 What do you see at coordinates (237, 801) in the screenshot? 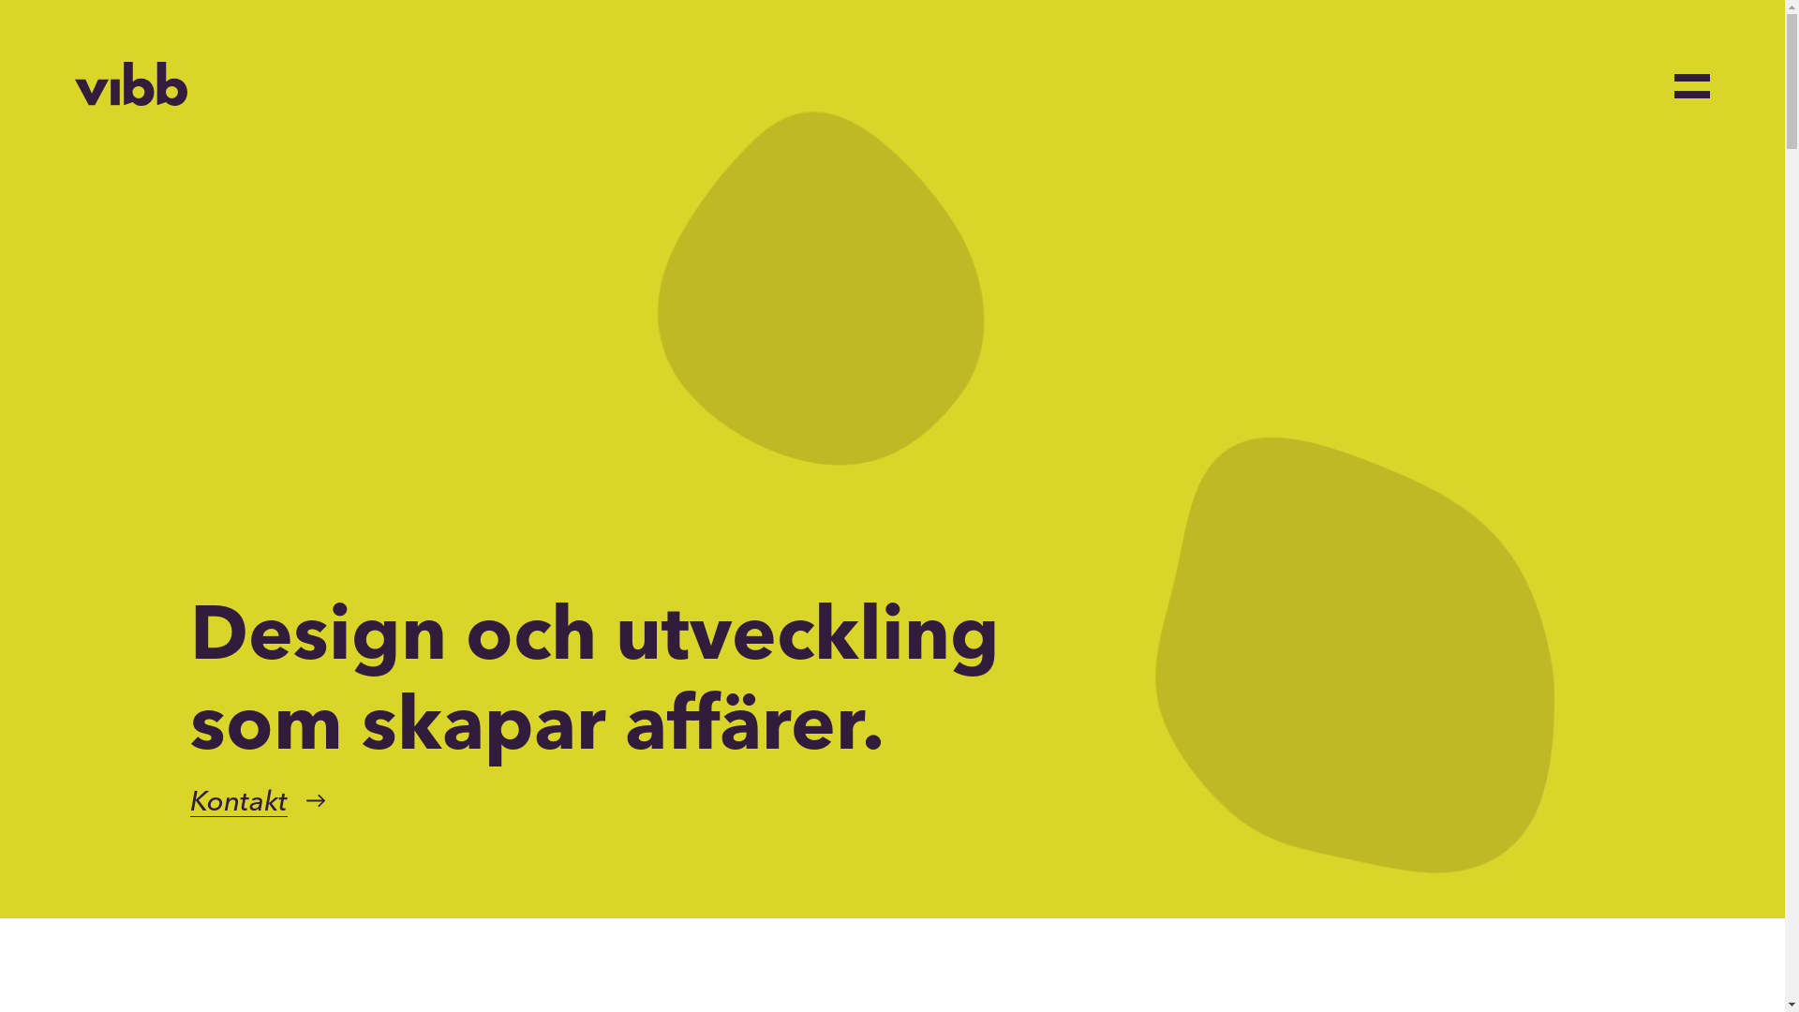
I see `'Kontakt'` at bounding box center [237, 801].